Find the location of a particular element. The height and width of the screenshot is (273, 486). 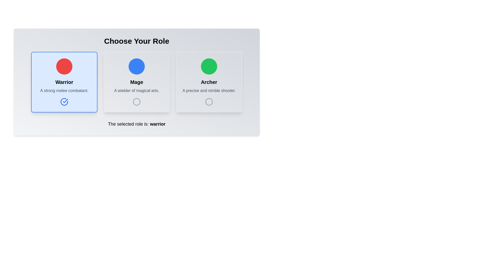

on the 'Warrior' role selectable tile is located at coordinates (64, 82).